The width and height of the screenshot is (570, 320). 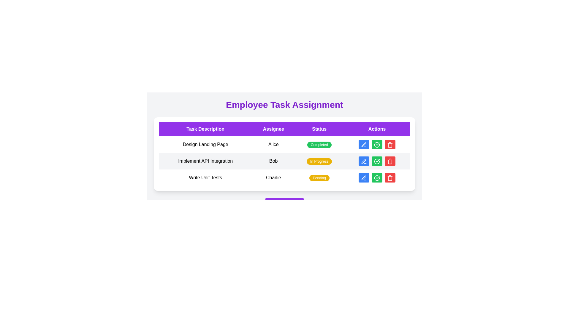 What do you see at coordinates (377, 145) in the screenshot?
I see `the confirmation icon located in the 'Actions' column of the first row under the 'Design Landing Page' task description` at bounding box center [377, 145].